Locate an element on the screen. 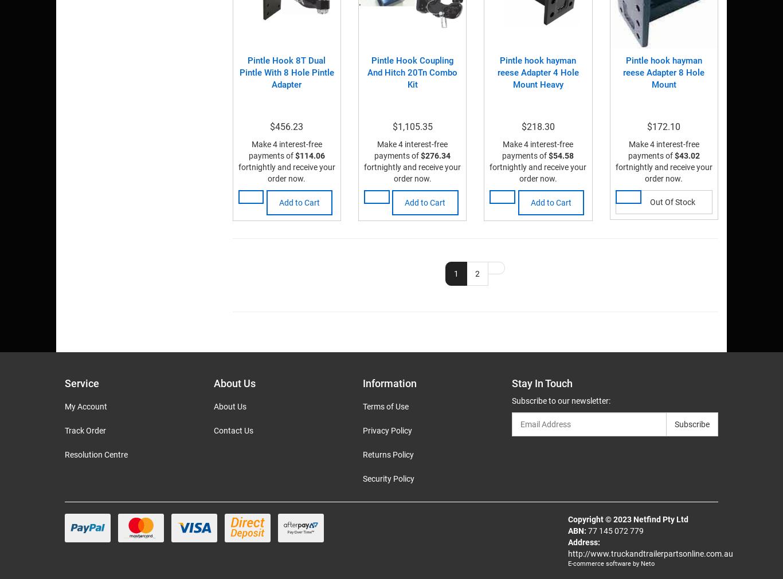  '77 145 072 779' is located at coordinates (614, 530).